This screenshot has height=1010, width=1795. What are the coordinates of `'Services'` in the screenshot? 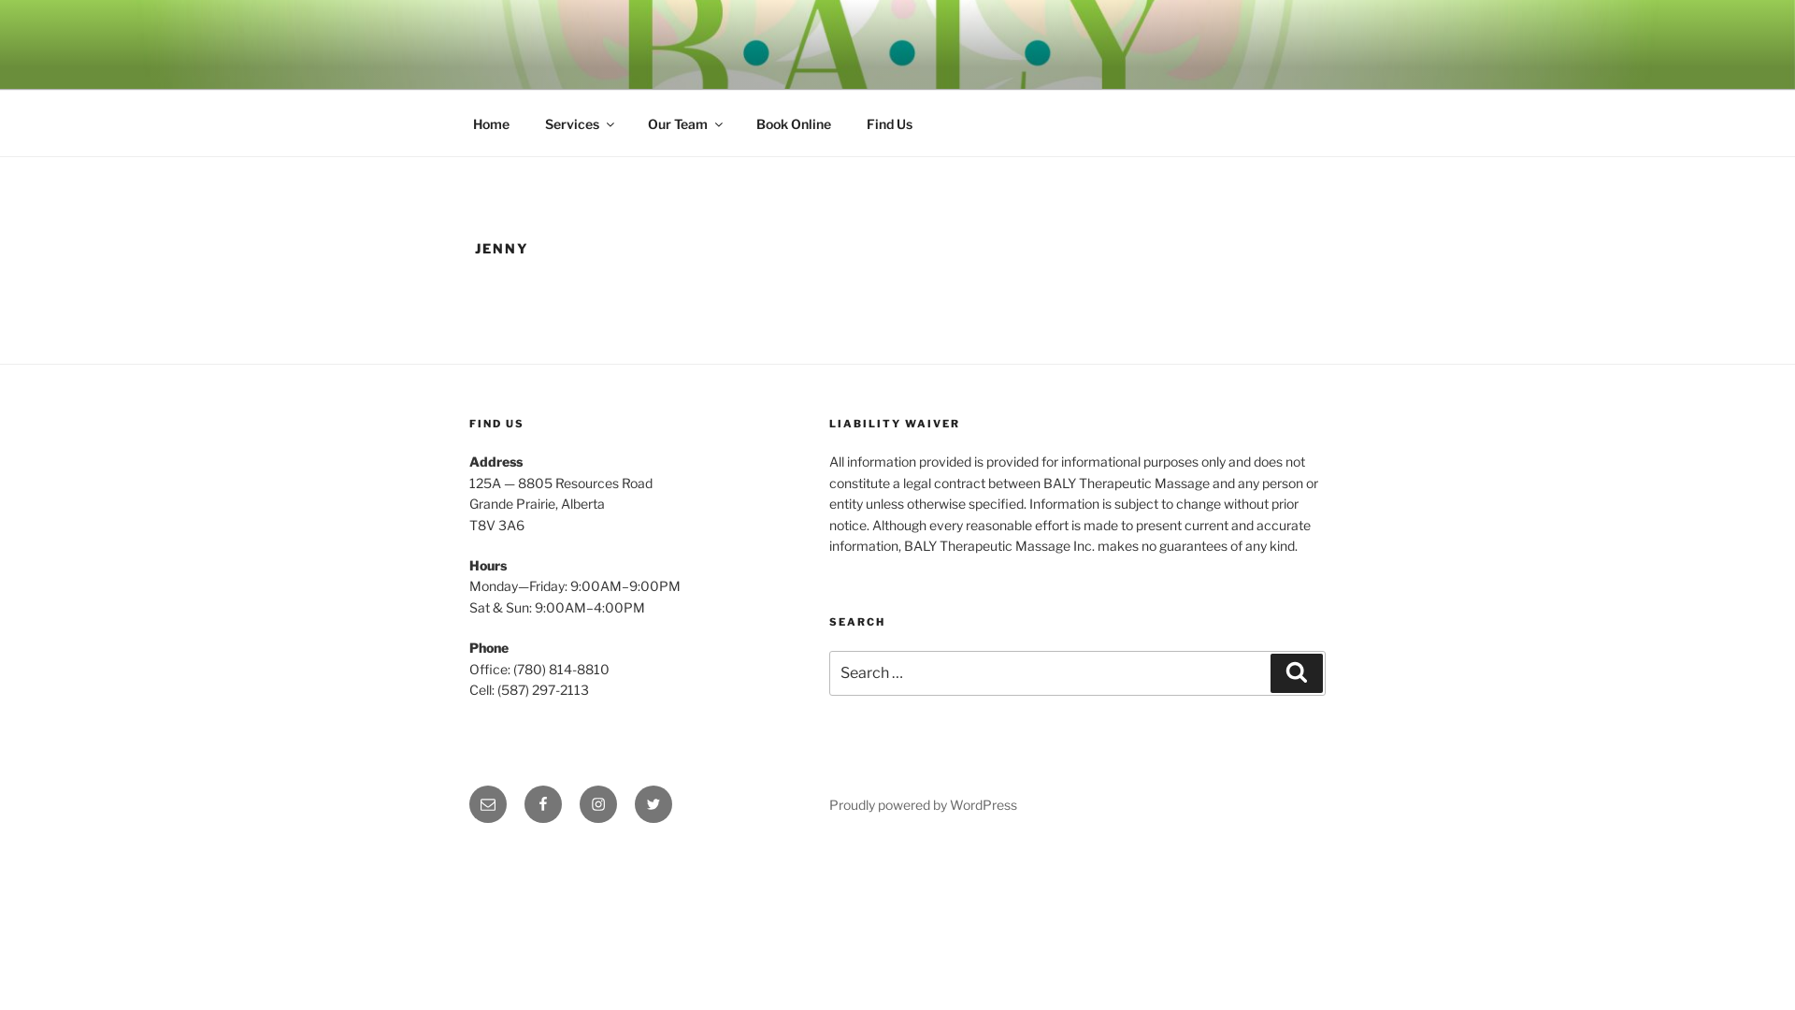 It's located at (577, 123).